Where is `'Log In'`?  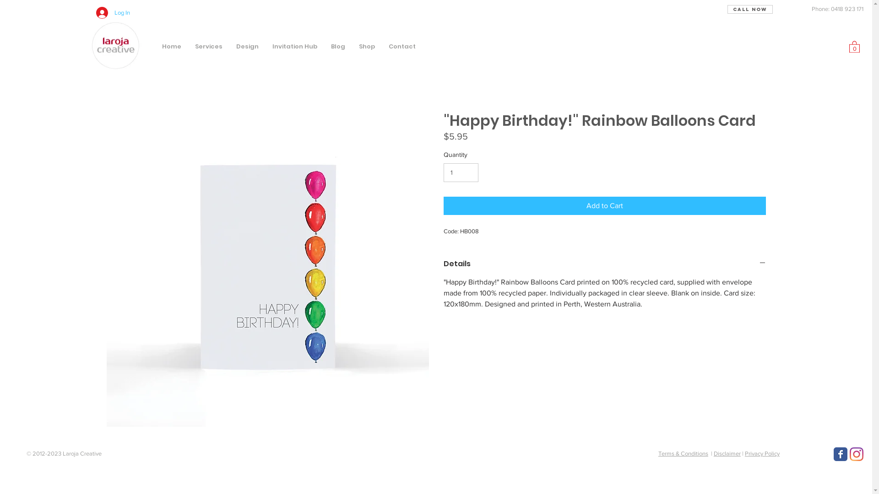 'Log In' is located at coordinates (112, 12).